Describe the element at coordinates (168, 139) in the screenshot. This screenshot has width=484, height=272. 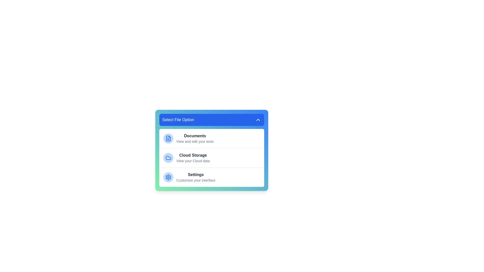
I see `the circular icon button with a light blue background and a blue file icon` at that location.